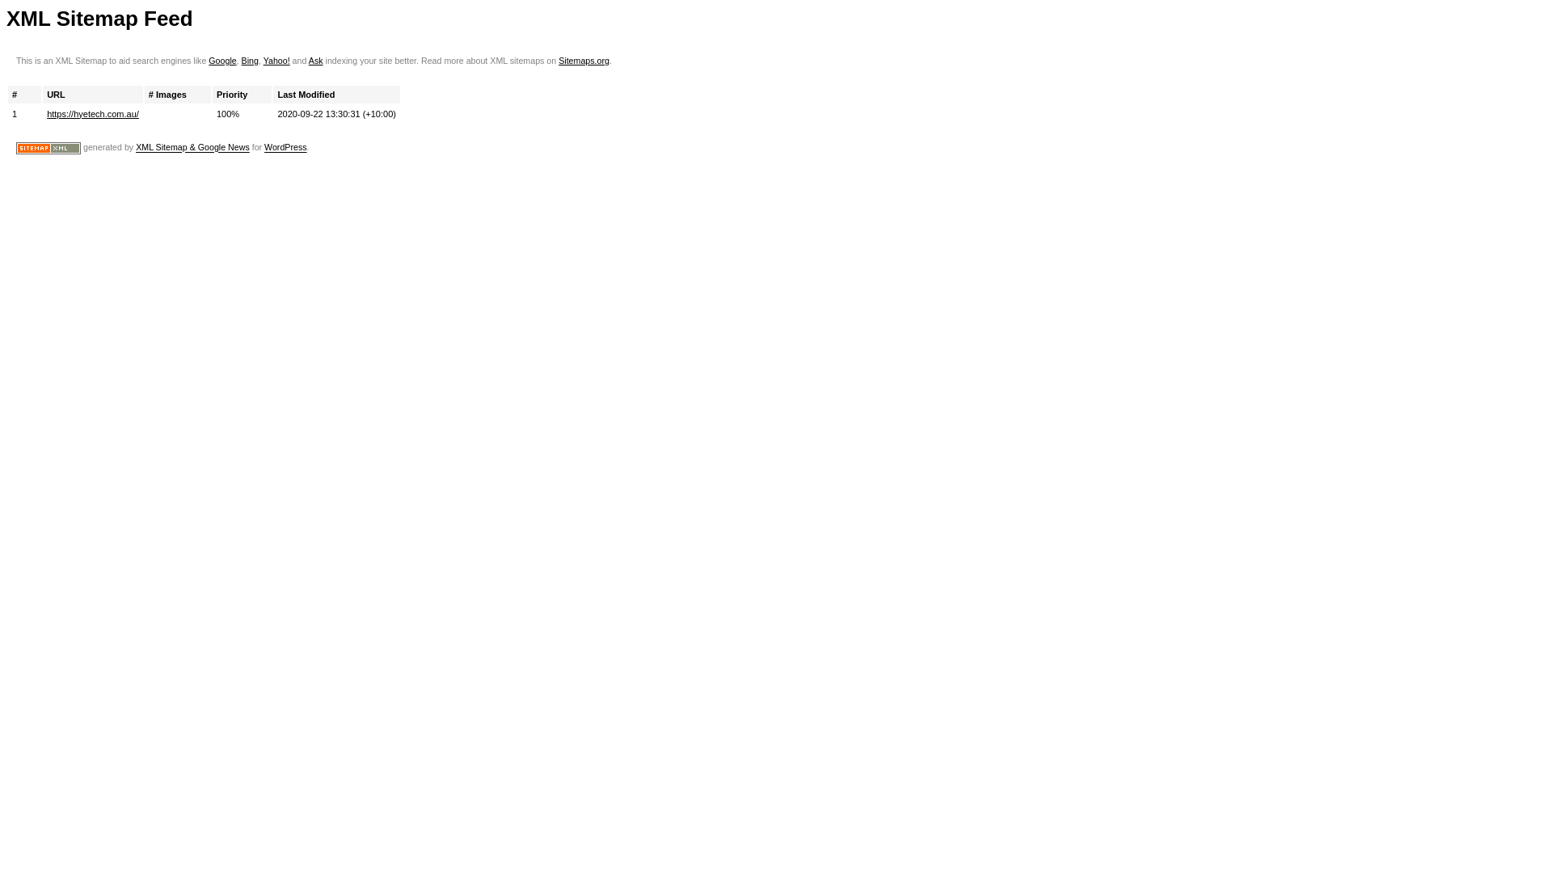 Image resolution: width=1552 pixels, height=873 pixels. I want to click on 'Yahoo!', so click(276, 59).